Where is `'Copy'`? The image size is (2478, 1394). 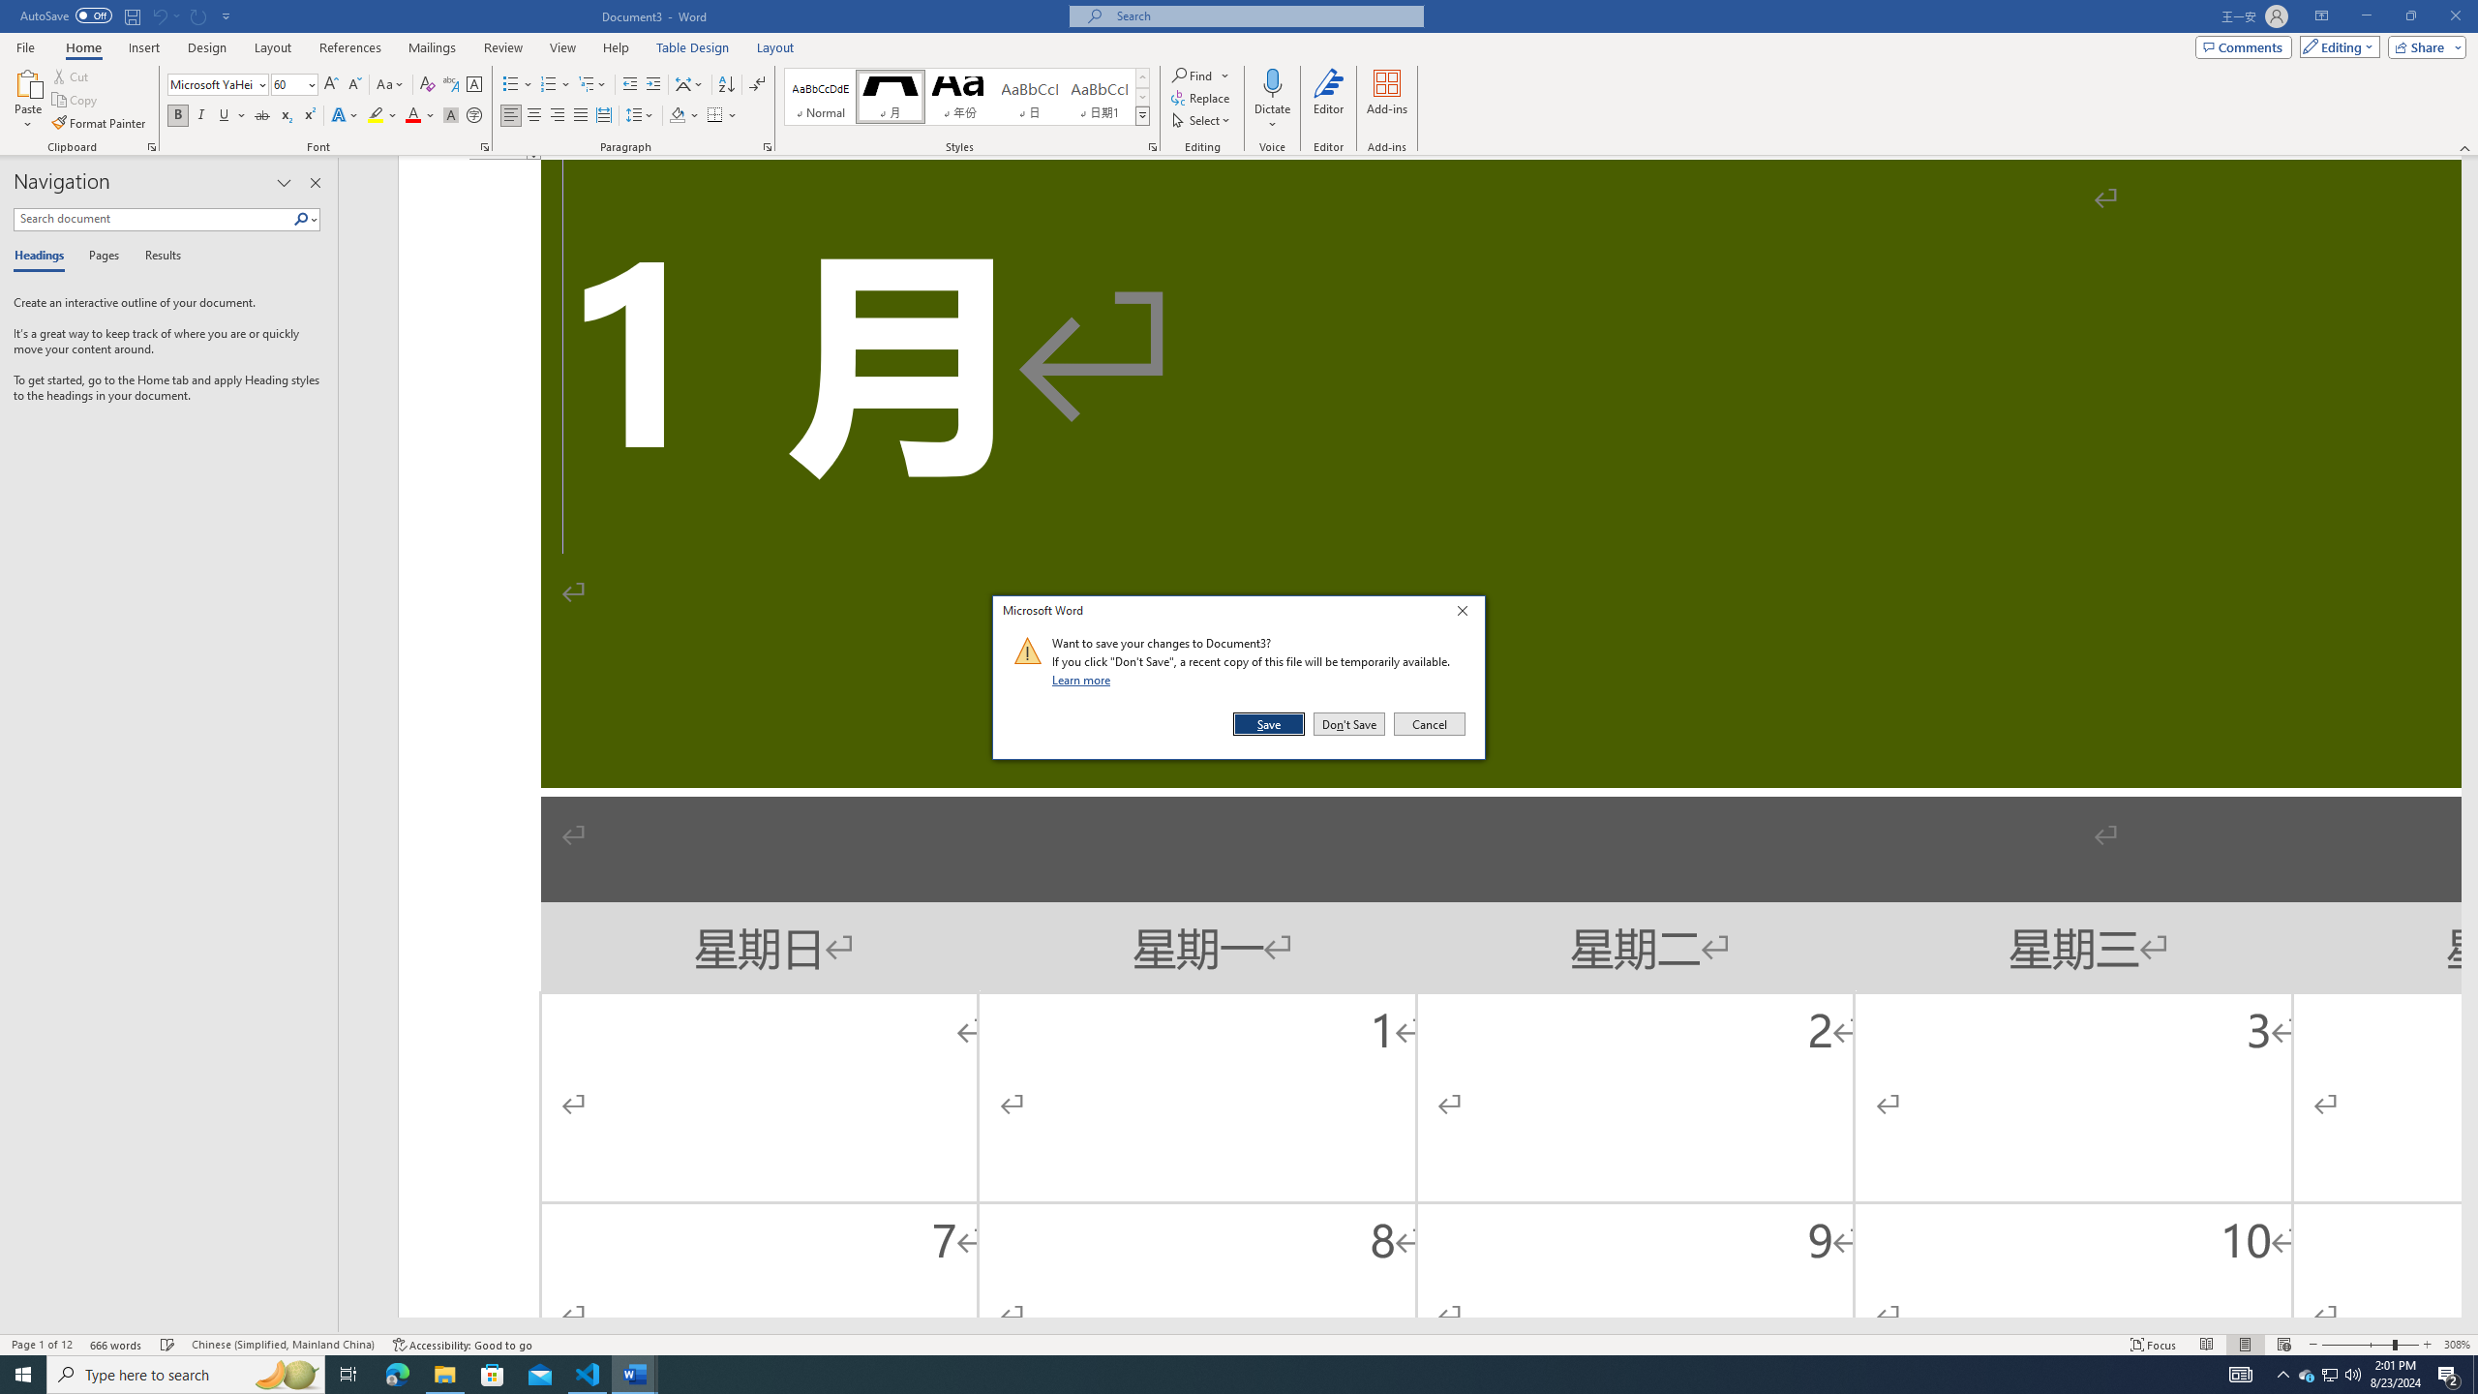 'Copy' is located at coordinates (76, 100).